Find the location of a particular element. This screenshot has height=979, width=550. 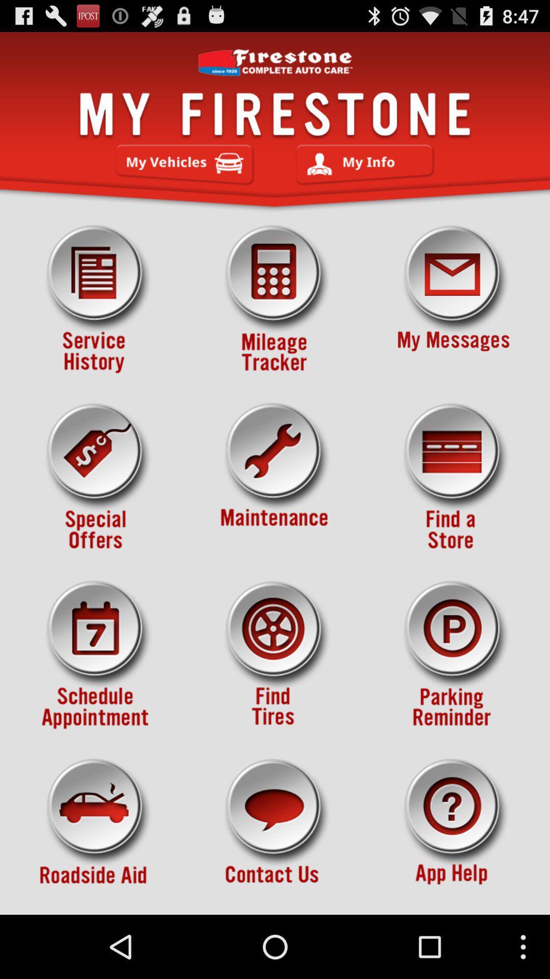

help is located at coordinates (453, 833).